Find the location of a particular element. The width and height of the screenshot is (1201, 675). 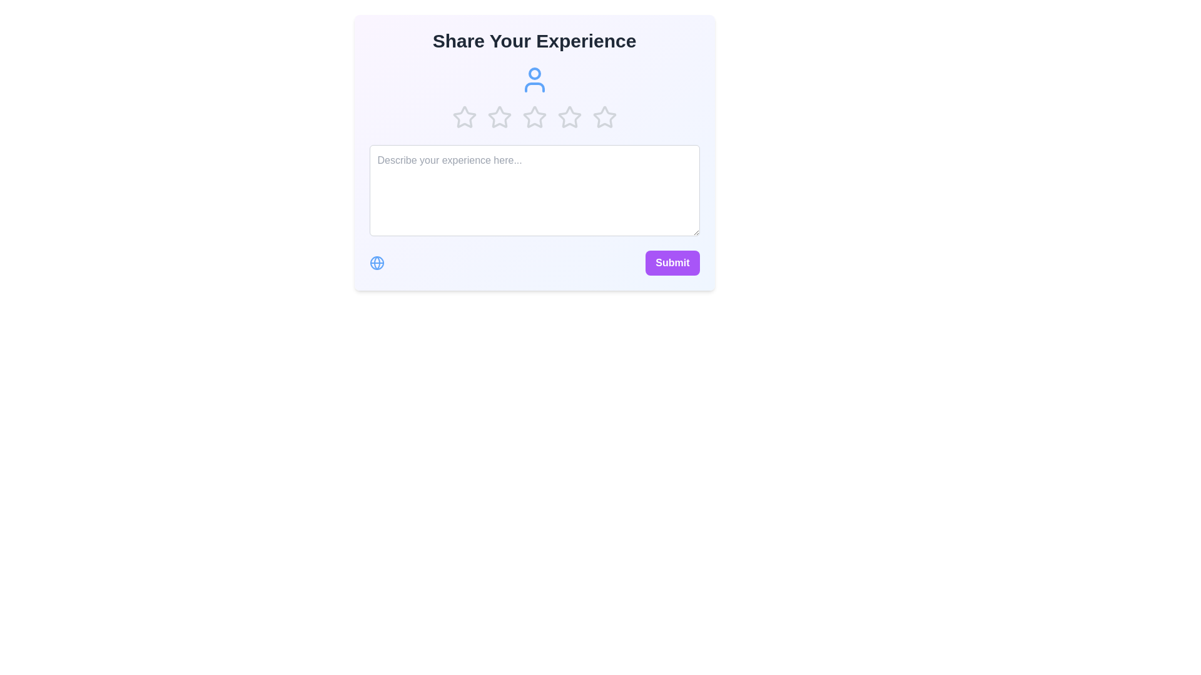

the prominent user-related icon located centrally at the top of the interface, above the star rating icons is located at coordinates (534, 79).